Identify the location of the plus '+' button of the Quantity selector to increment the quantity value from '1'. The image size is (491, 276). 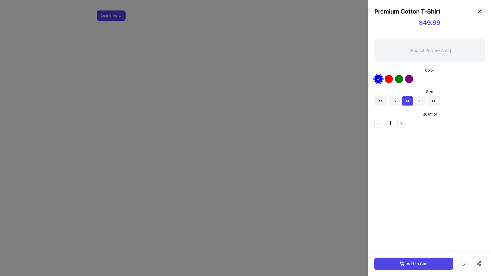
(430, 119).